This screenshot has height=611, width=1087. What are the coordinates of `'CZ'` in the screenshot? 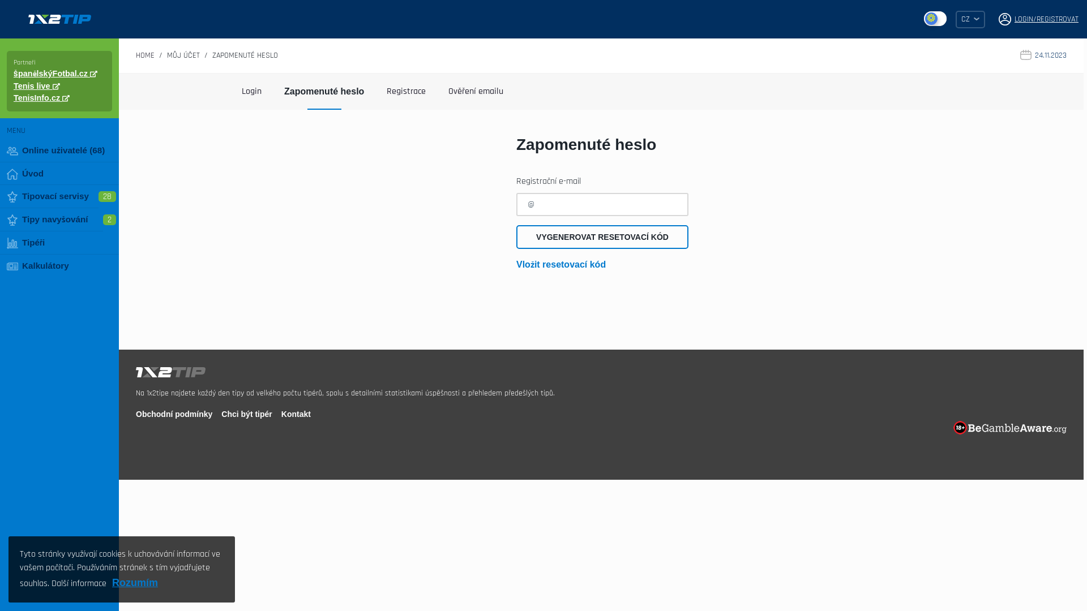 It's located at (969, 19).